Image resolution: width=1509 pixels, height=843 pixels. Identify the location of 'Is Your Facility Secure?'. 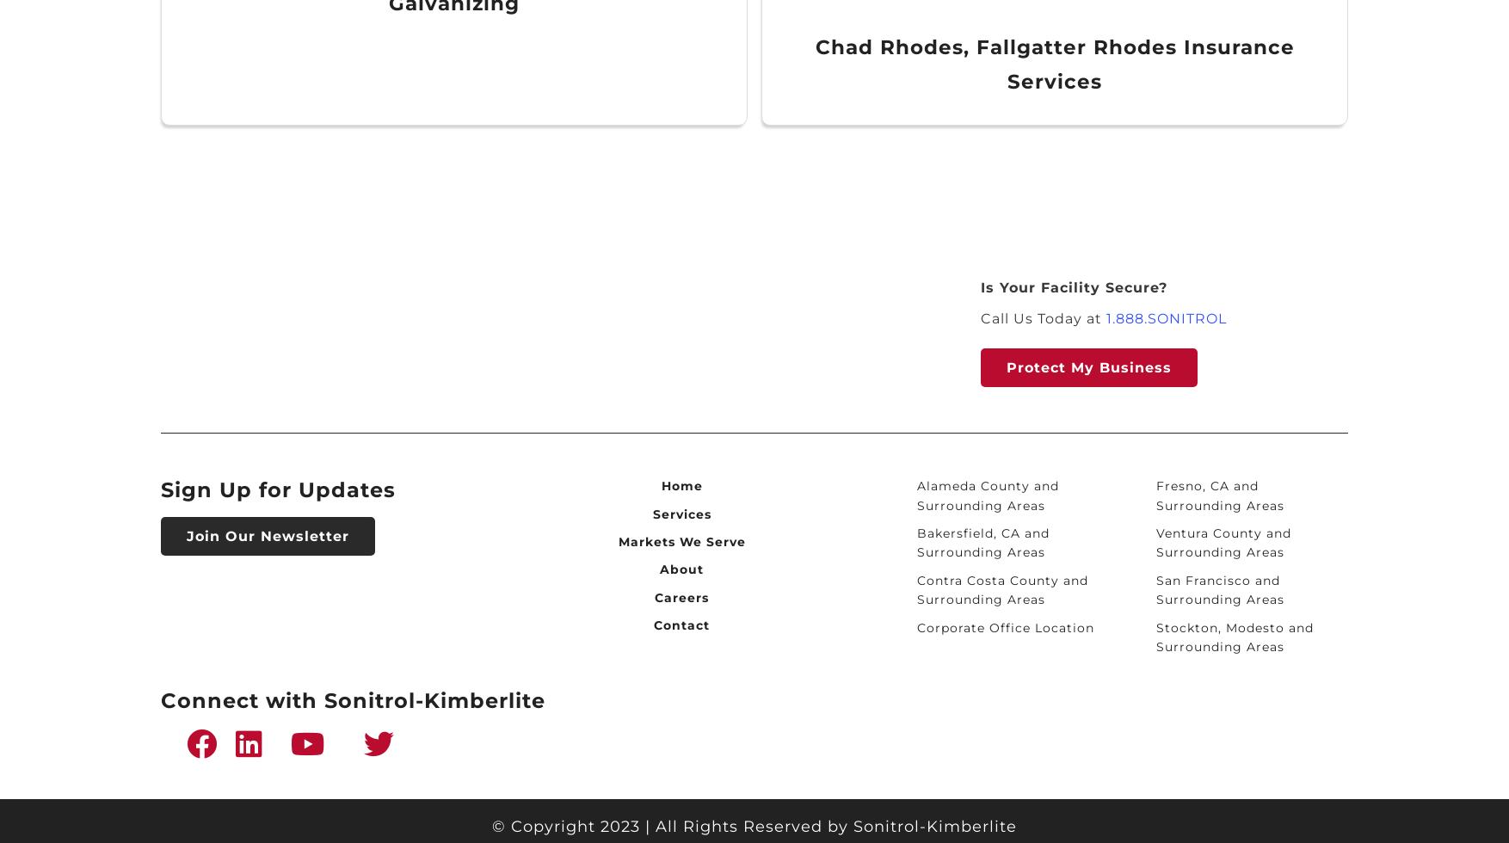
(1074, 287).